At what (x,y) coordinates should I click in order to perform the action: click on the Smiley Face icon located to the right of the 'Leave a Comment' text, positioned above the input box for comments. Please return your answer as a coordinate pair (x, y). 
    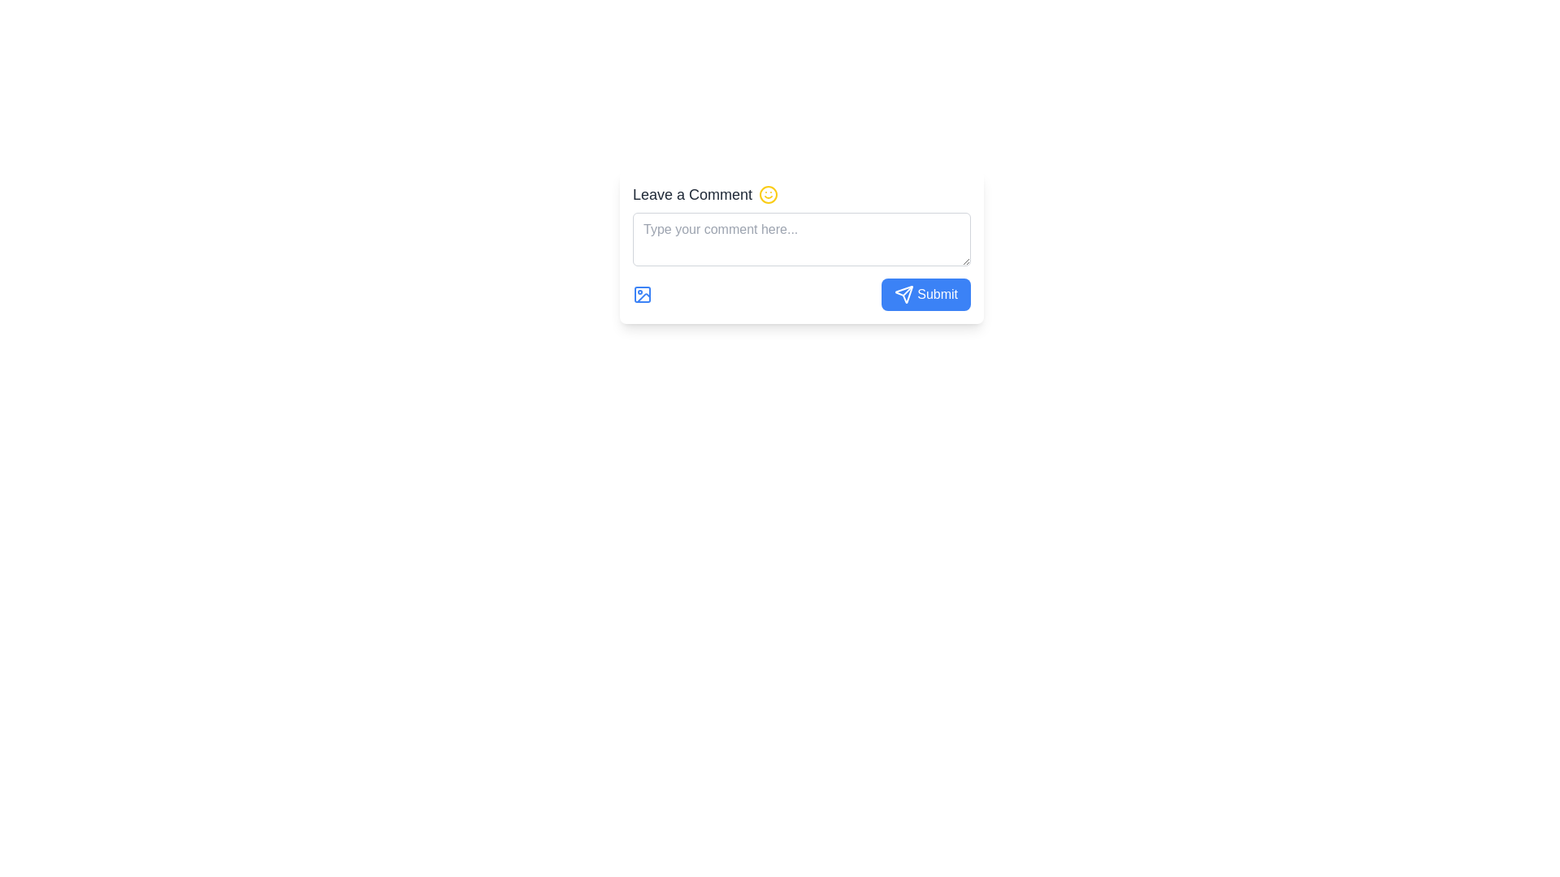
    Looking at the image, I should click on (768, 193).